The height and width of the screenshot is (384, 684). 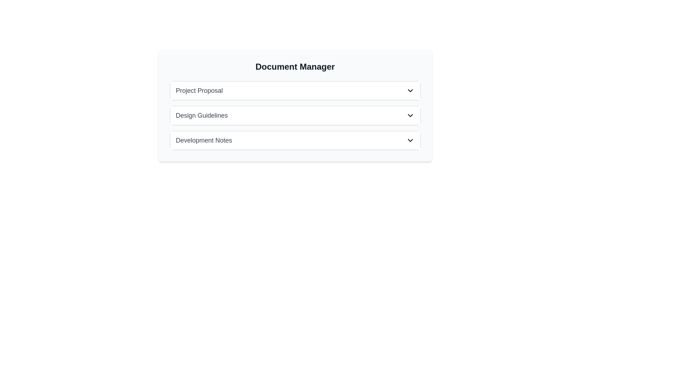 What do you see at coordinates (410, 90) in the screenshot?
I see `the collapsible icon located at the top right corner of the 'Project Proposal' section in the 'Document Manager'` at bounding box center [410, 90].